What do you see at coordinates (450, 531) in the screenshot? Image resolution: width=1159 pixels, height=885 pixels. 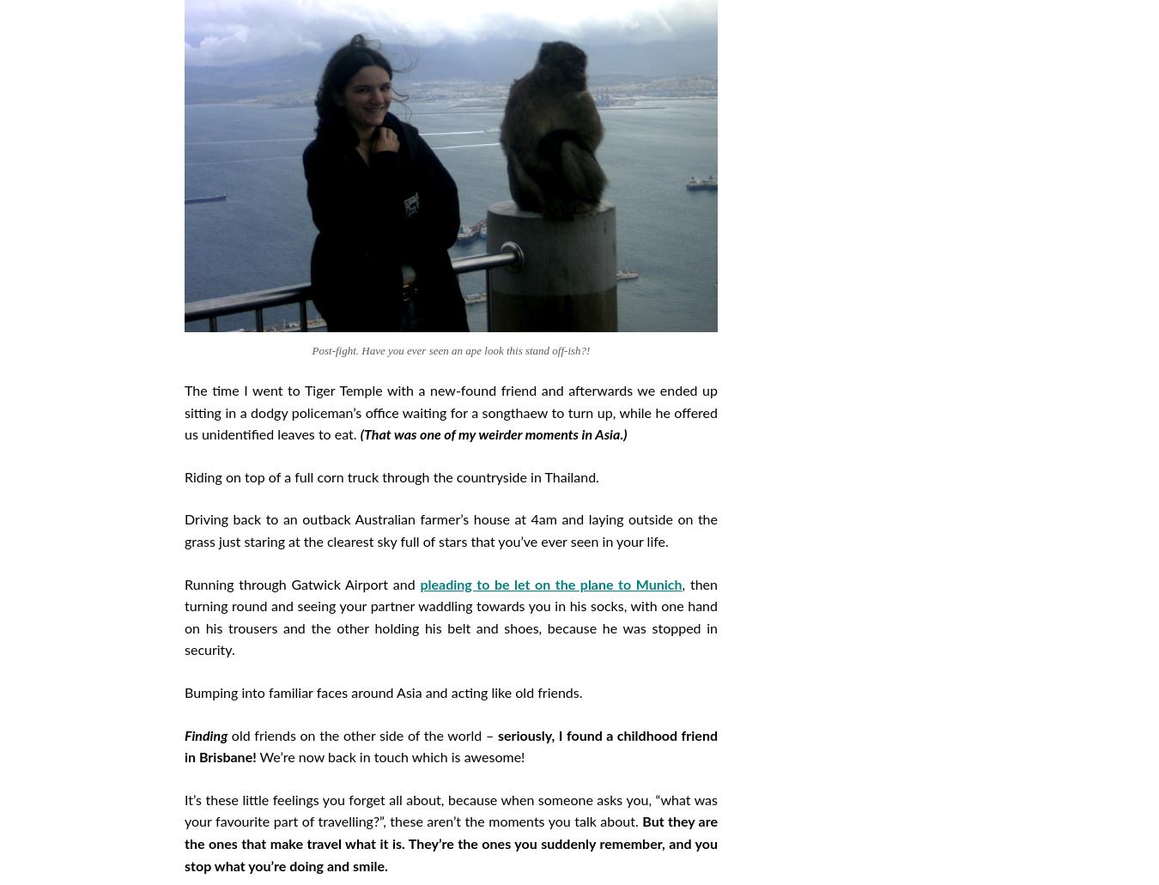 I see `'Driving back to an outback Australian farmer’s house at 4am and laying outside on the grass just staring at the clearest sky full of stars that you’ve ever seen in your life.'` at bounding box center [450, 531].